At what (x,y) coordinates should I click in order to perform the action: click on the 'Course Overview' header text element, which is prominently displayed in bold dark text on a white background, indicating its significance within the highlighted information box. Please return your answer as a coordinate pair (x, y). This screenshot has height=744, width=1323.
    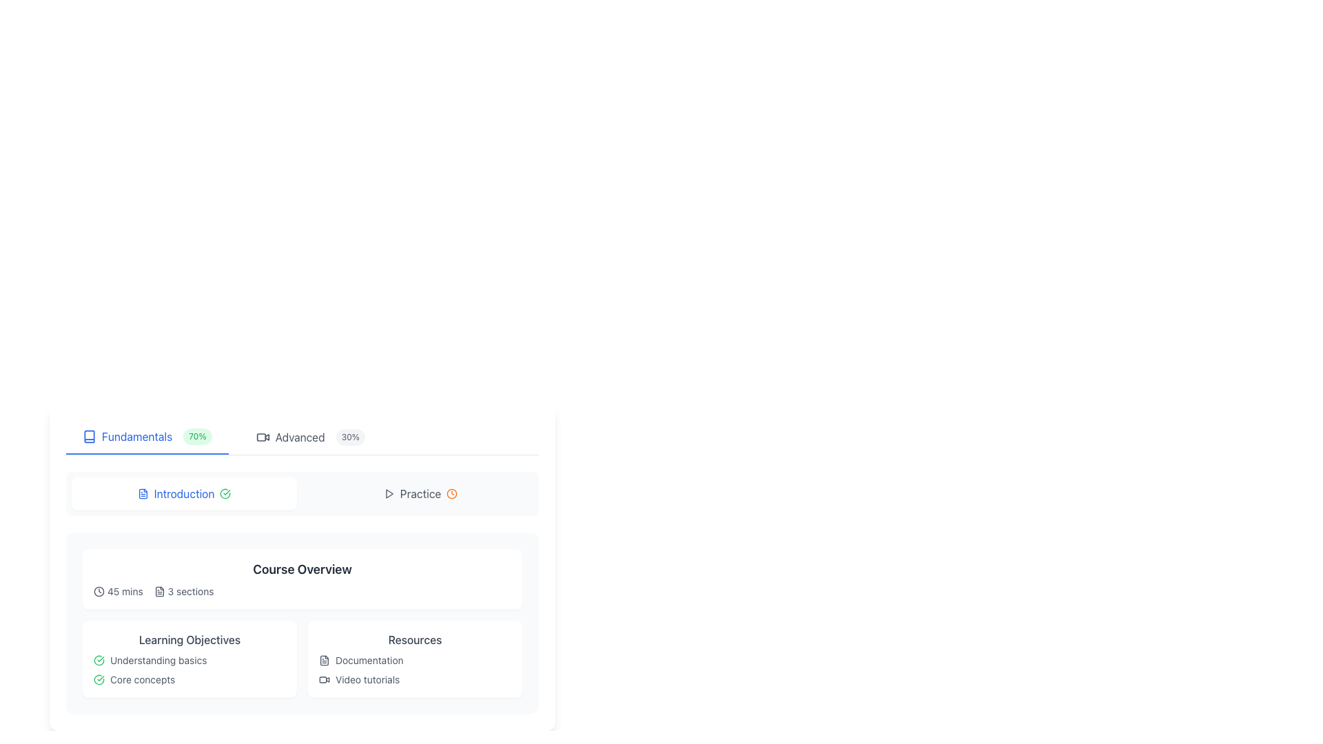
    Looking at the image, I should click on (301, 569).